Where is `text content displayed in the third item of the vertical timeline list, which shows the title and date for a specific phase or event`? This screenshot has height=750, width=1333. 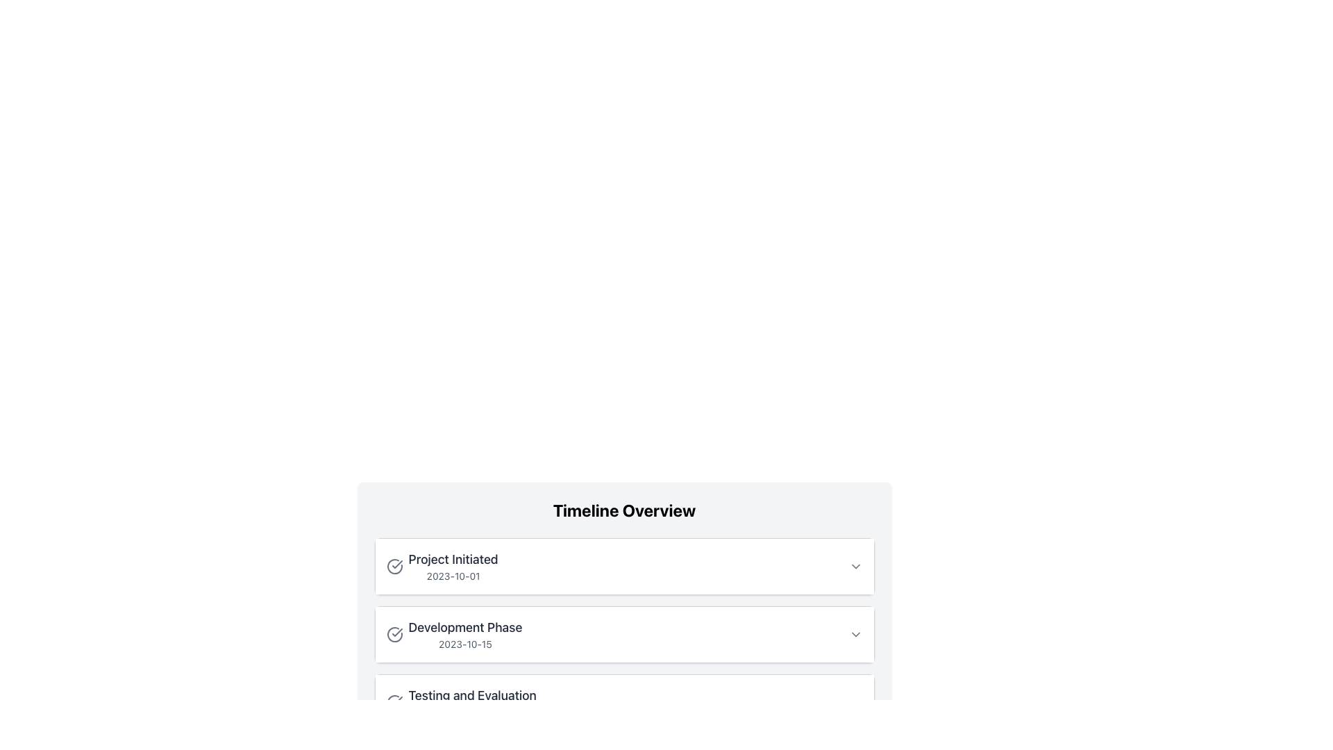 text content displayed in the third item of the vertical timeline list, which shows the title and date for a specific phase or event is located at coordinates (472, 702).